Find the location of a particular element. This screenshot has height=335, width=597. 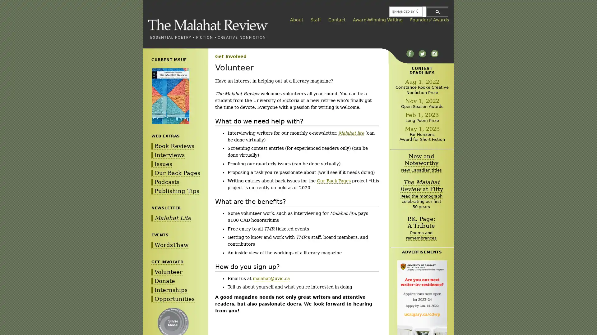

search is located at coordinates (437, 11).